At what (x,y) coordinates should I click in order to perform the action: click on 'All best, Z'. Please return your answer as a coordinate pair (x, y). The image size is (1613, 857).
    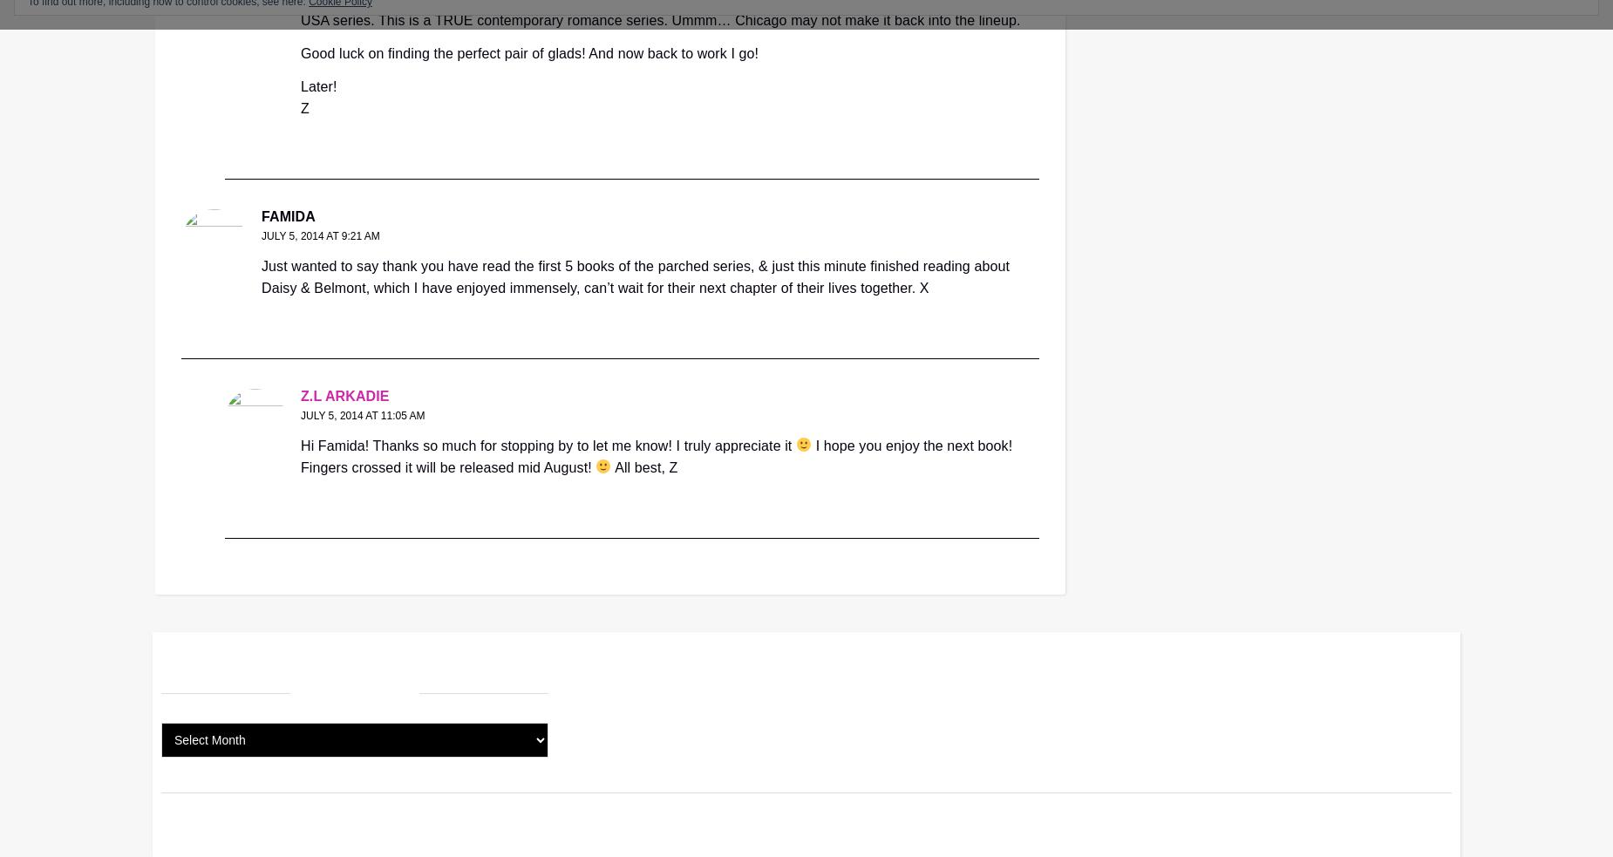
    Looking at the image, I should click on (610, 466).